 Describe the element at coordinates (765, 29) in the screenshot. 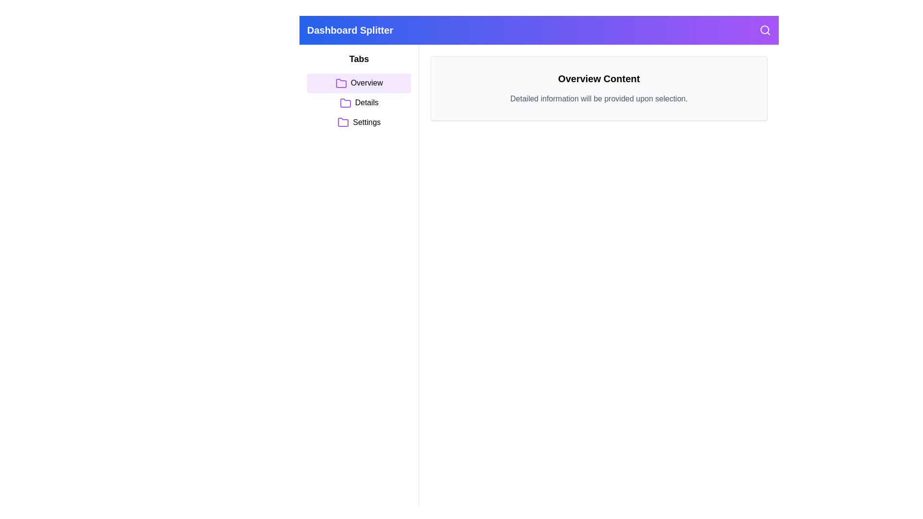

I see `the search icon located at the far-right of the purple gradient header, next to the 'Dashboard Splitter' text label` at that location.